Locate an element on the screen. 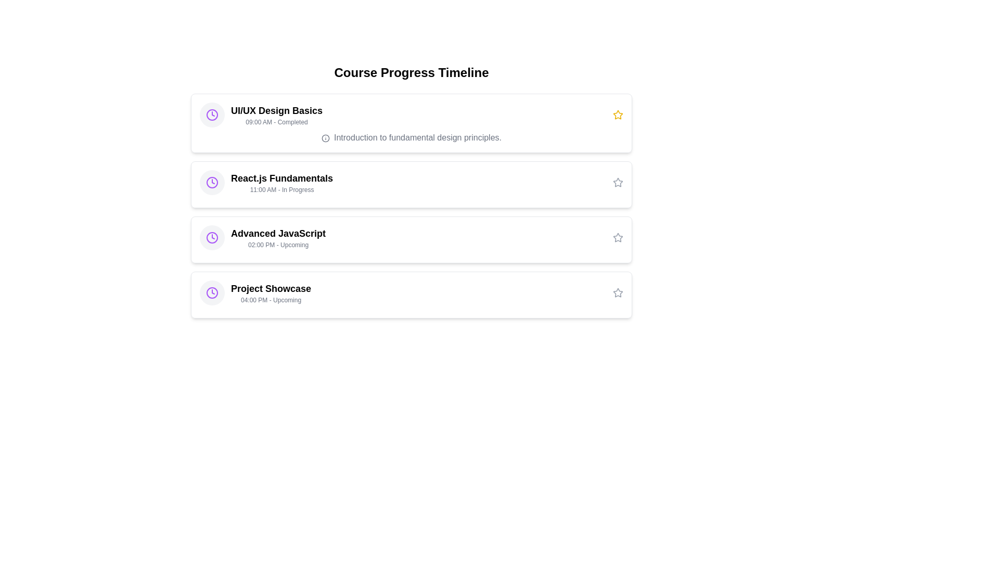 The image size is (999, 562). text of the 'Advanced JavaScript' title label, which is the third course in the list, located above the description '02:00 PM - Upcoming' is located at coordinates (278, 233).